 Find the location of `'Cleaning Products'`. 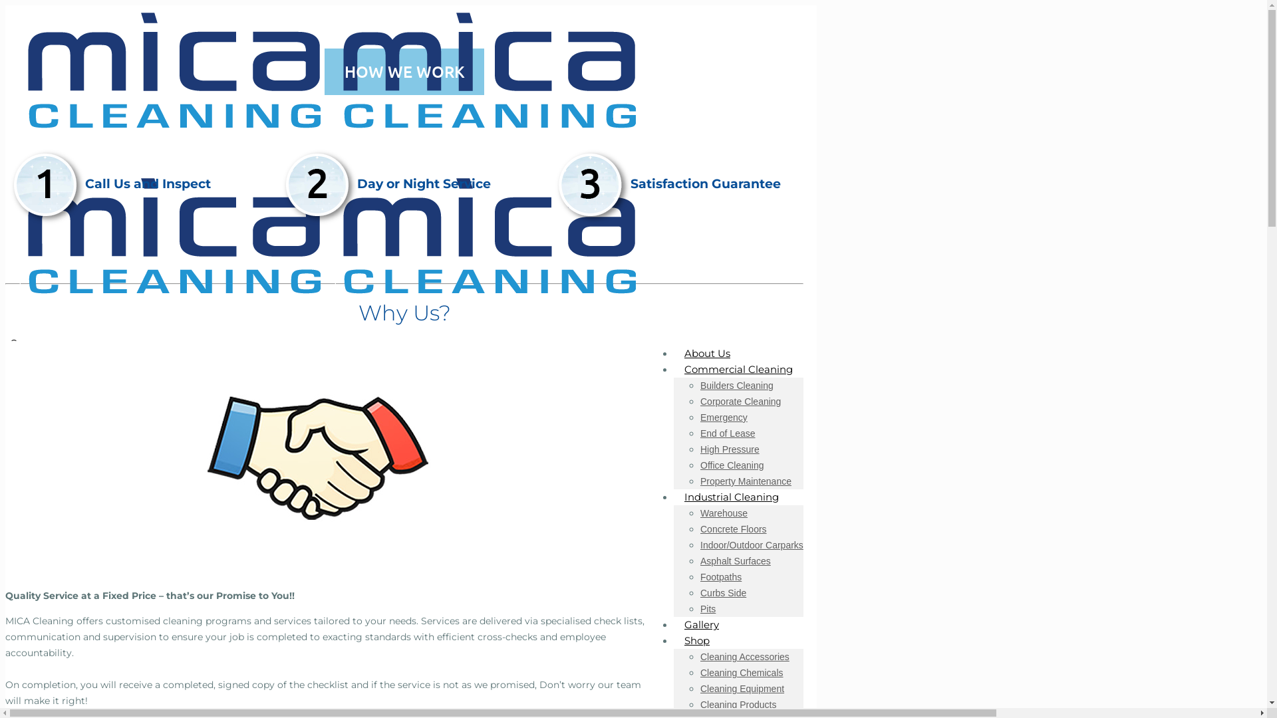

'Cleaning Products' is located at coordinates (737, 704).